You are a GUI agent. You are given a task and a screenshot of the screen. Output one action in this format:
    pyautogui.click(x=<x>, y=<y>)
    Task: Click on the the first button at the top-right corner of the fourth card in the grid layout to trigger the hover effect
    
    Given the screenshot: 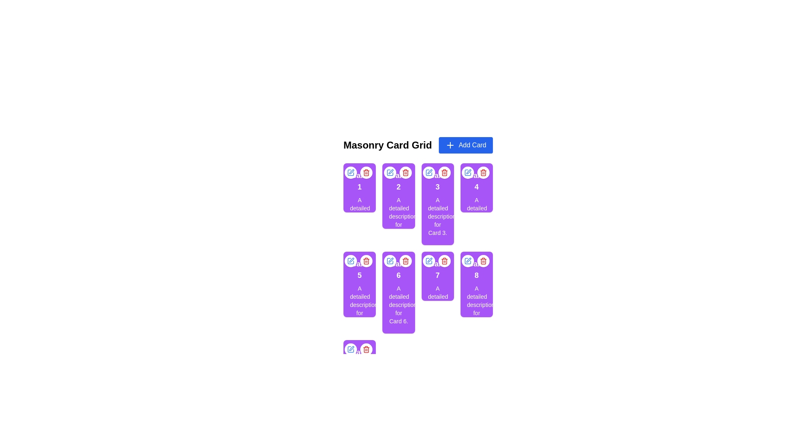 What is the action you would take?
    pyautogui.click(x=468, y=172)
    